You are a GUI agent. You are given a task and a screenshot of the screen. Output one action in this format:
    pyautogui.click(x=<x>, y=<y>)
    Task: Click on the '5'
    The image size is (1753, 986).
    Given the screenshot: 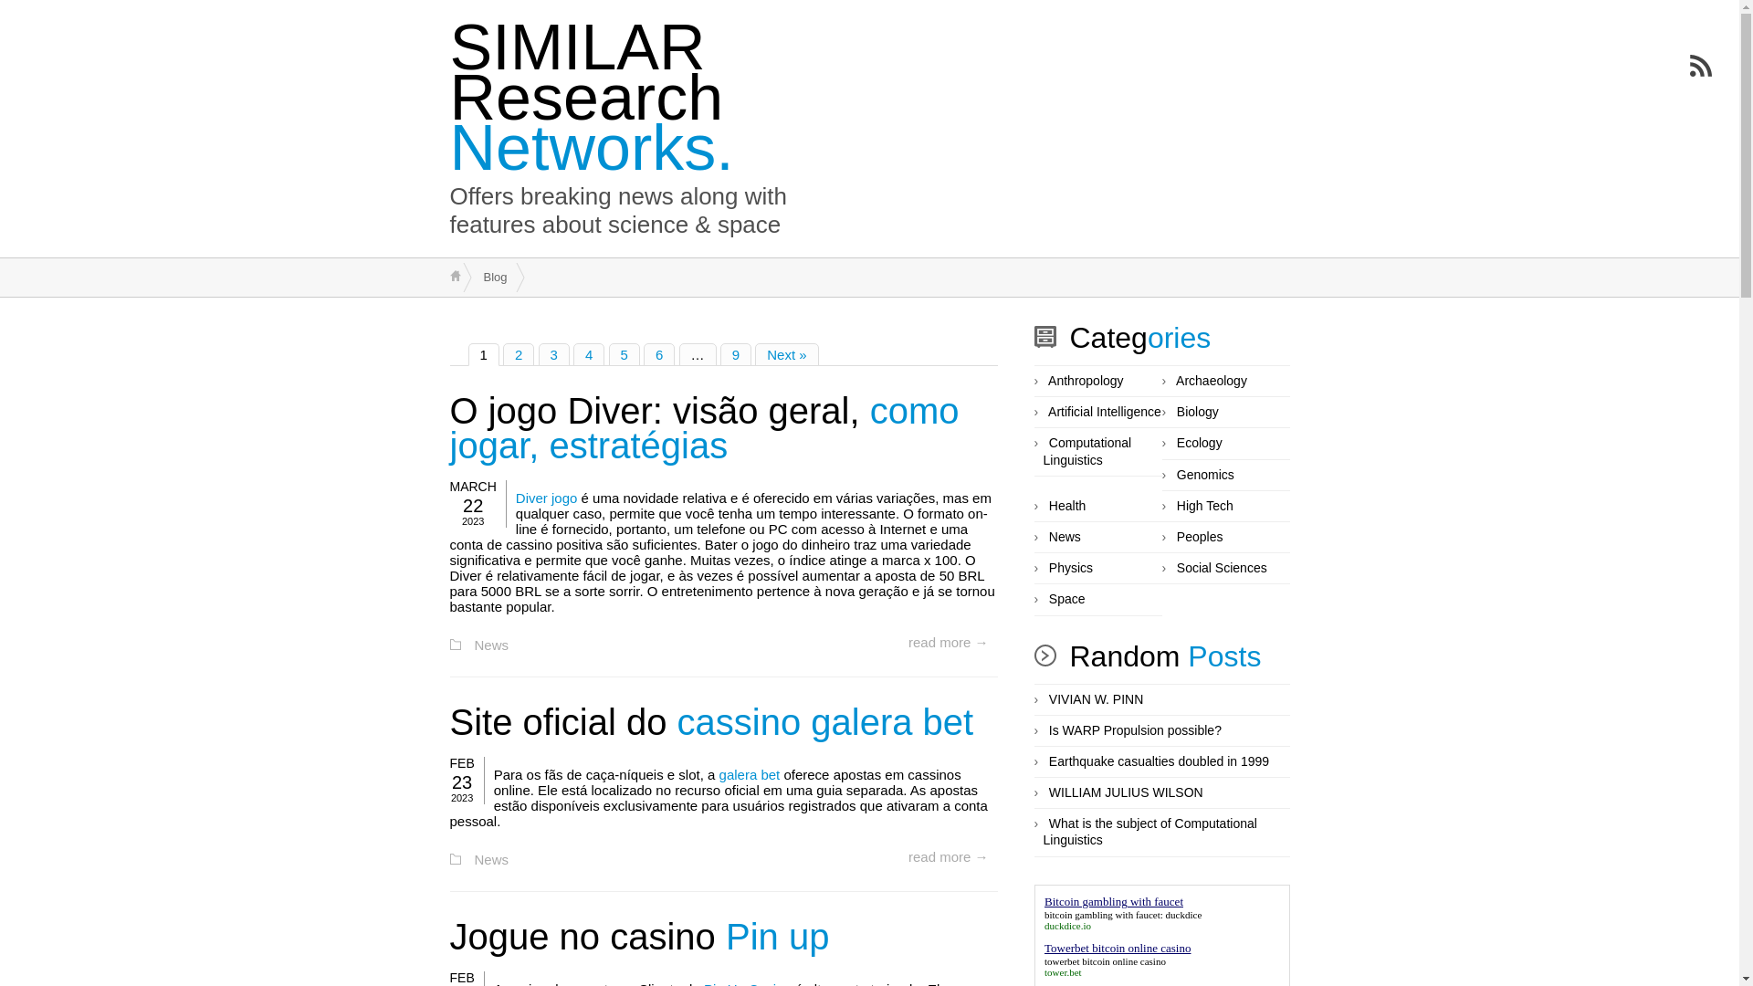 What is the action you would take?
    pyautogui.click(x=625, y=354)
    